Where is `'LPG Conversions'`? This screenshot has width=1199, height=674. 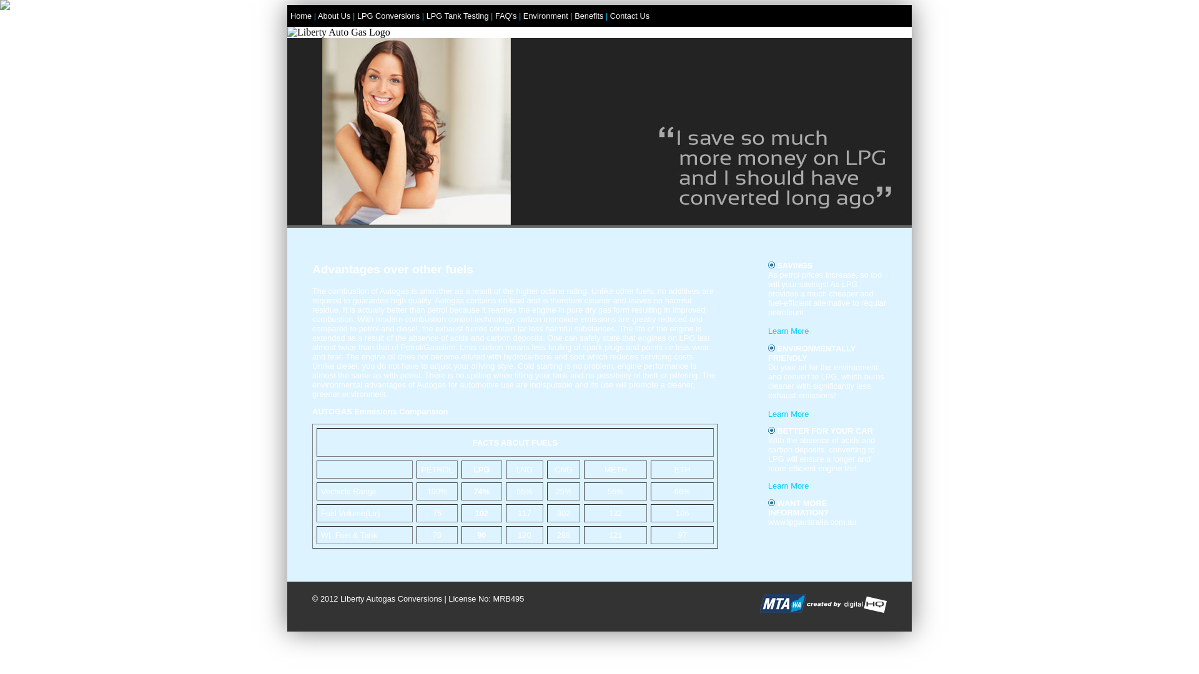
'LPG Conversions' is located at coordinates (388, 16).